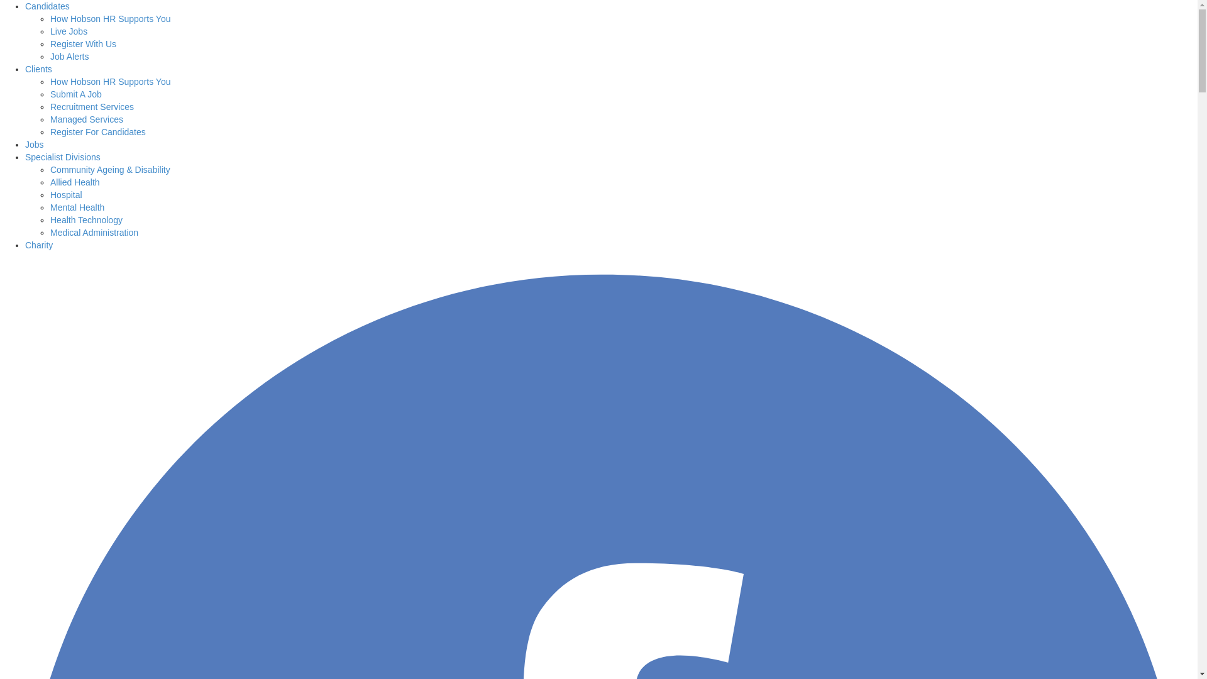 This screenshot has height=679, width=1207. What do you see at coordinates (91, 106) in the screenshot?
I see `'Recruitment Services'` at bounding box center [91, 106].